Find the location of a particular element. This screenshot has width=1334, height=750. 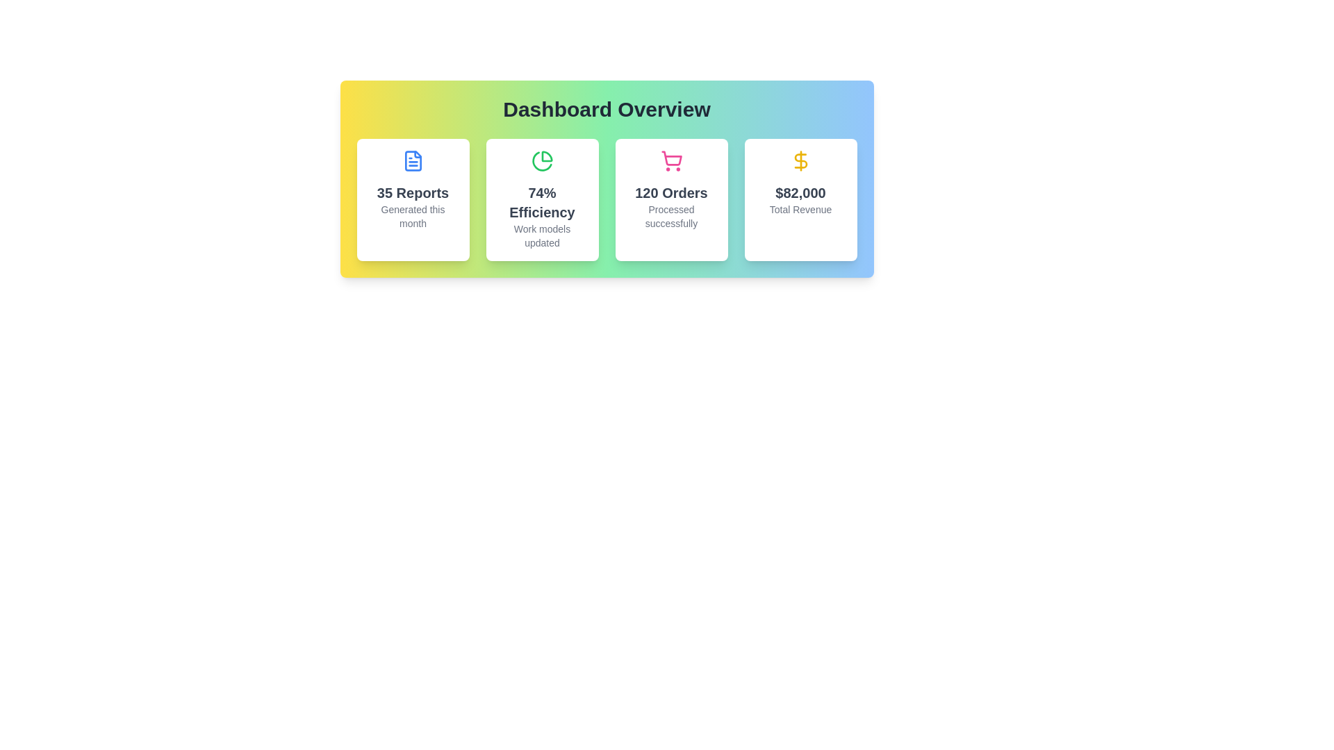

the first Informational Tile that displays the summary of reports generated in the current month, located in the top-left corner of the grid layout is located at coordinates (412, 200).